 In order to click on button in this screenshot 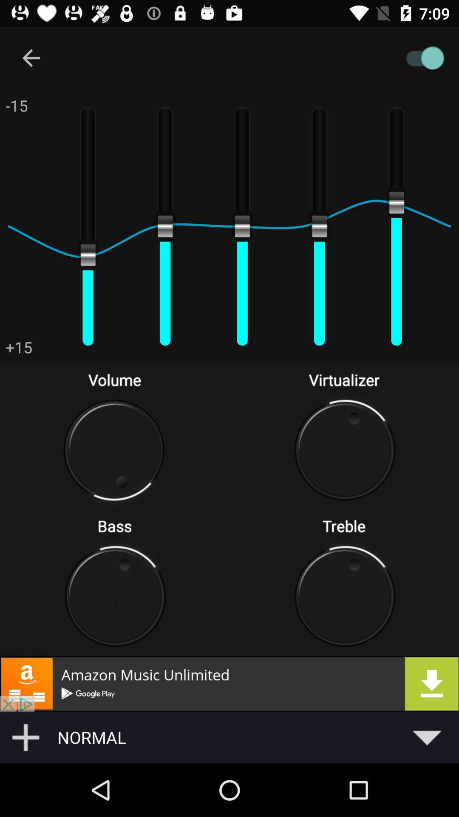, I will do `click(25, 737)`.